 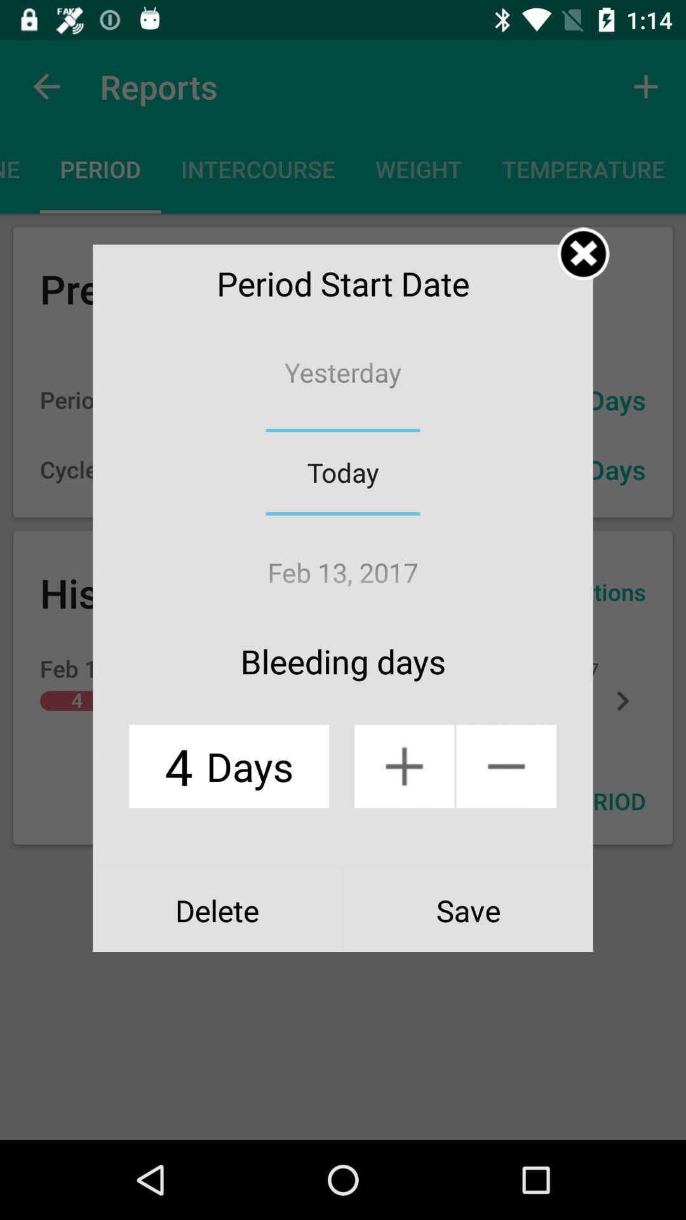 I want to click on the open window, so click(x=583, y=254).